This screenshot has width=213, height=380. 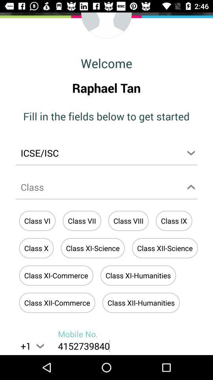 I want to click on this is where a profile image would go, so click(x=106, y=26).